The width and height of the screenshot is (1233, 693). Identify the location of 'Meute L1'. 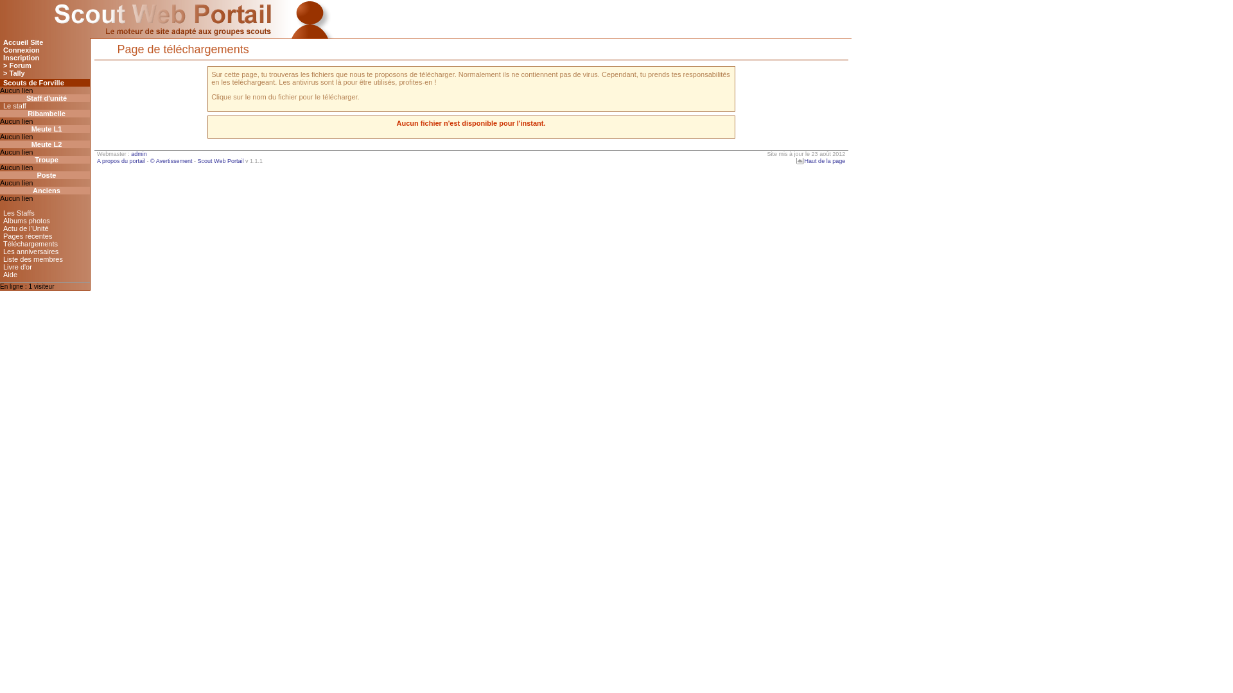
(45, 128).